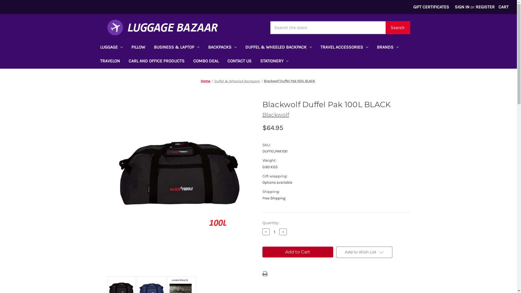 This screenshot has height=293, width=521. Describe the element at coordinates (205, 61) in the screenshot. I see `'COMBO DEAL'` at that location.